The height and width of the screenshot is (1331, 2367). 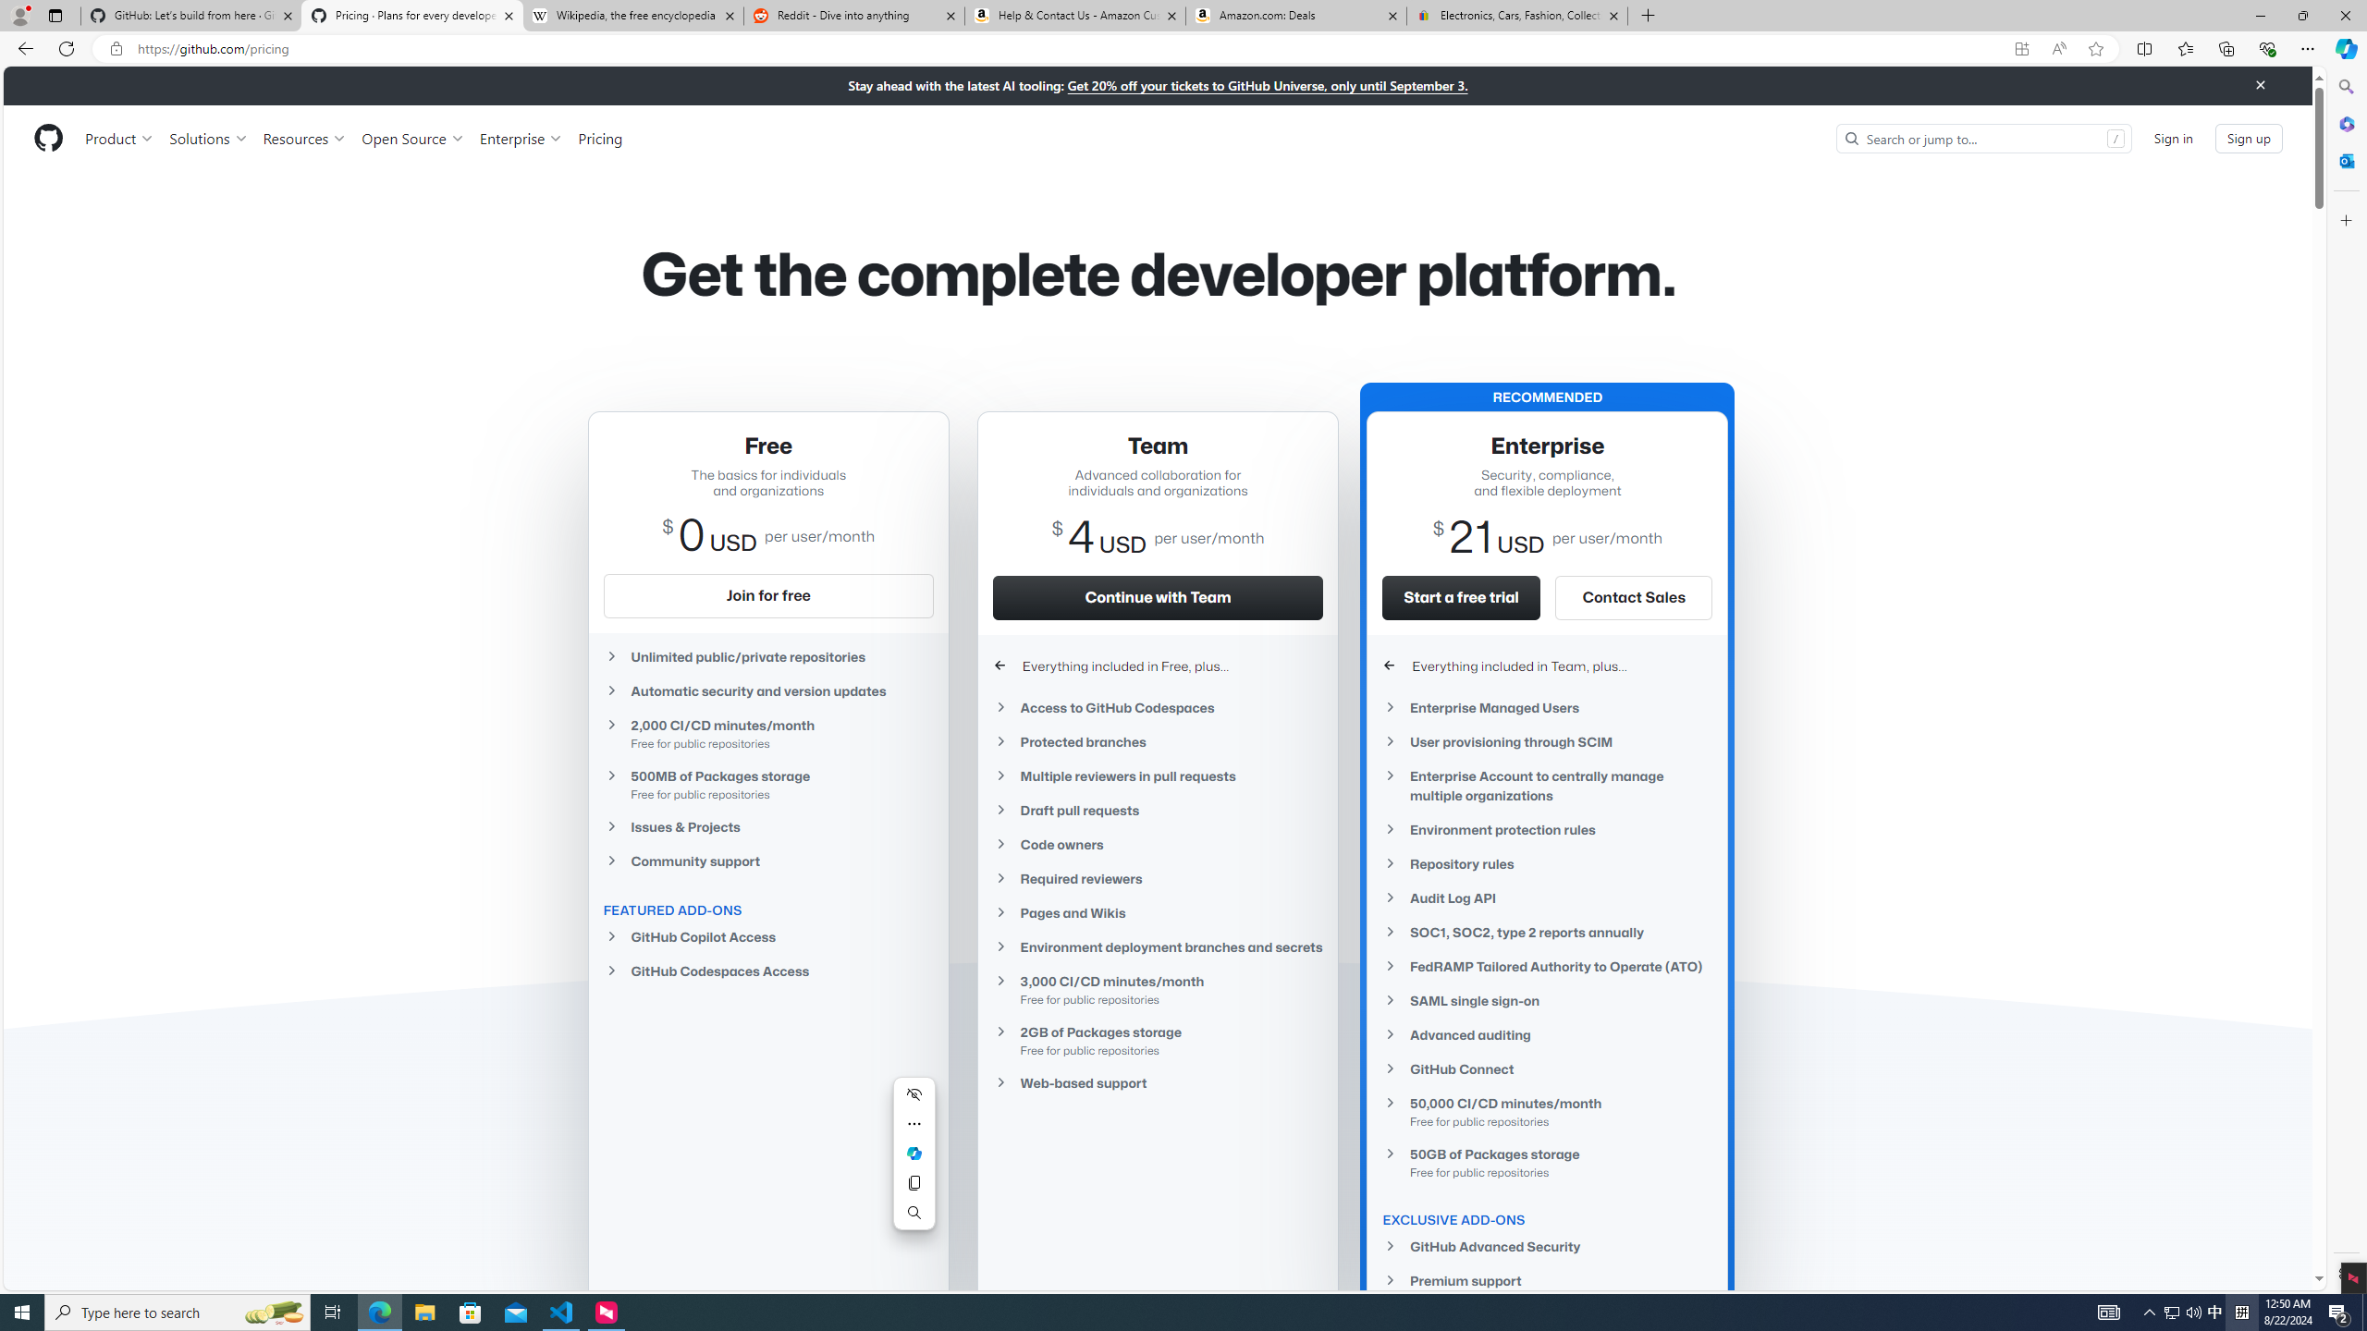 I want to click on 'Hide menu', so click(x=914, y=1093).